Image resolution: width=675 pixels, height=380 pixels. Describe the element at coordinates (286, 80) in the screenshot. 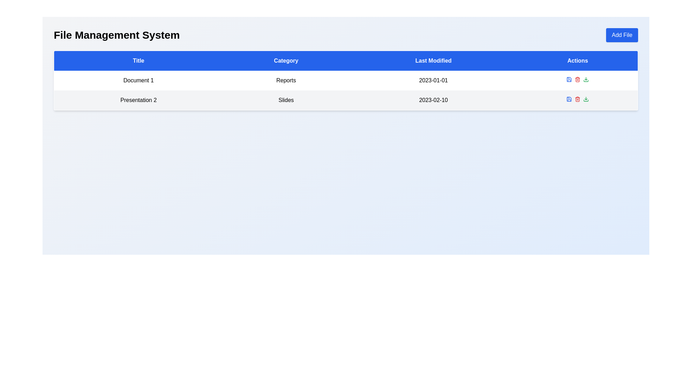

I see `the Text cell in the second column under the 'Category' header of the table, which corresponds to 'Document 1'` at that location.